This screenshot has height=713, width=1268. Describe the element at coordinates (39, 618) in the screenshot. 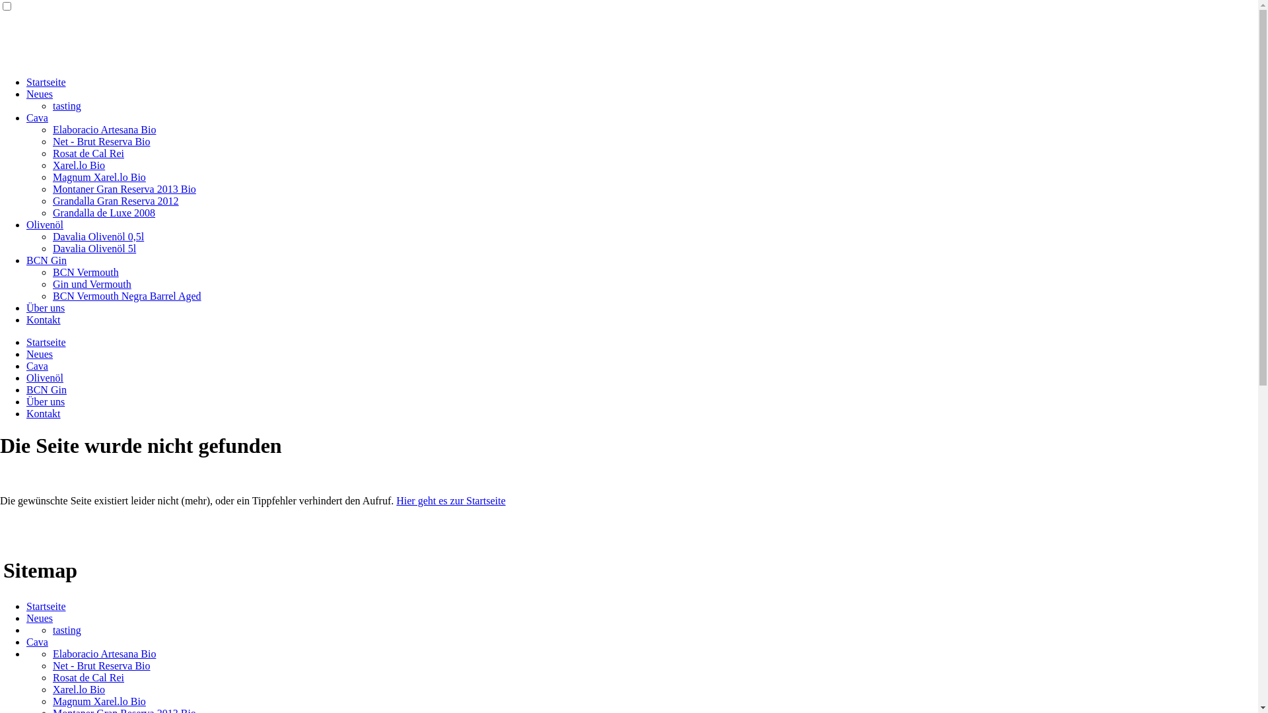

I see `'Neues'` at that location.